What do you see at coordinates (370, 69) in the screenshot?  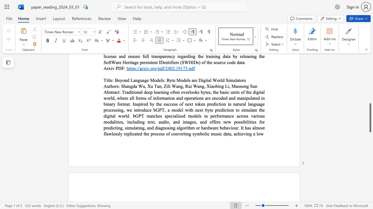 I see `the scrollbar to scroll the page up` at bounding box center [370, 69].